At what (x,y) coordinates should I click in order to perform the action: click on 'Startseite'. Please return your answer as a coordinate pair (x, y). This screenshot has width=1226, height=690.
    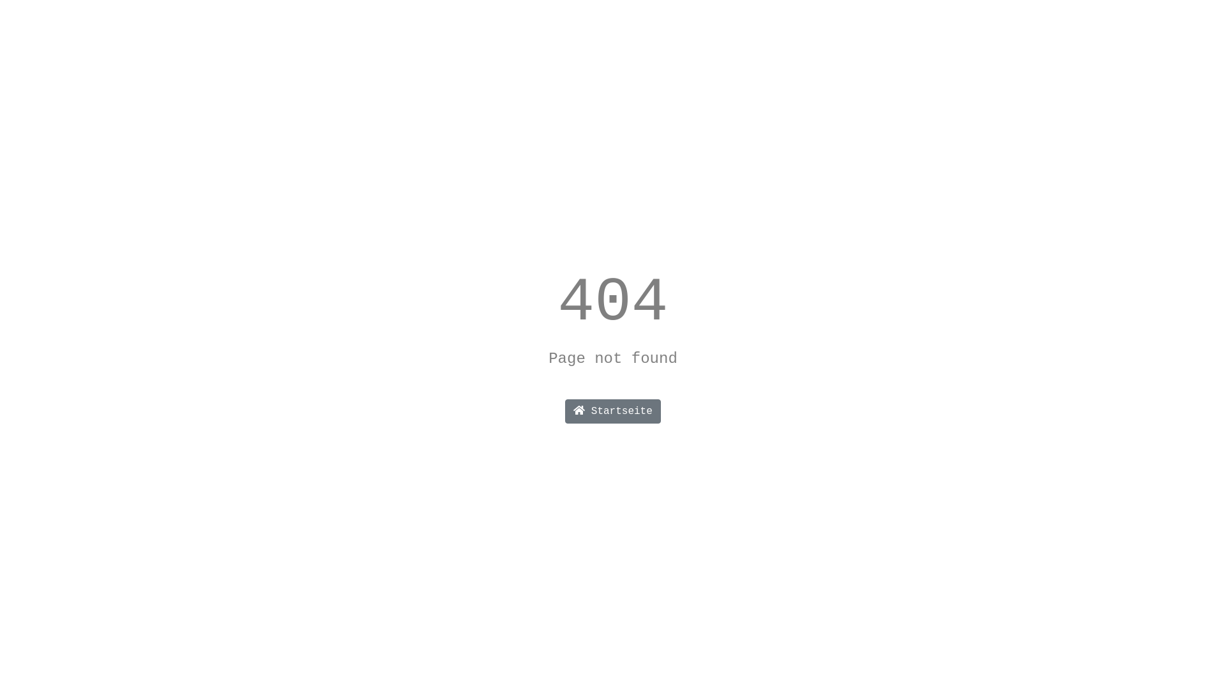
    Looking at the image, I should click on (613, 411).